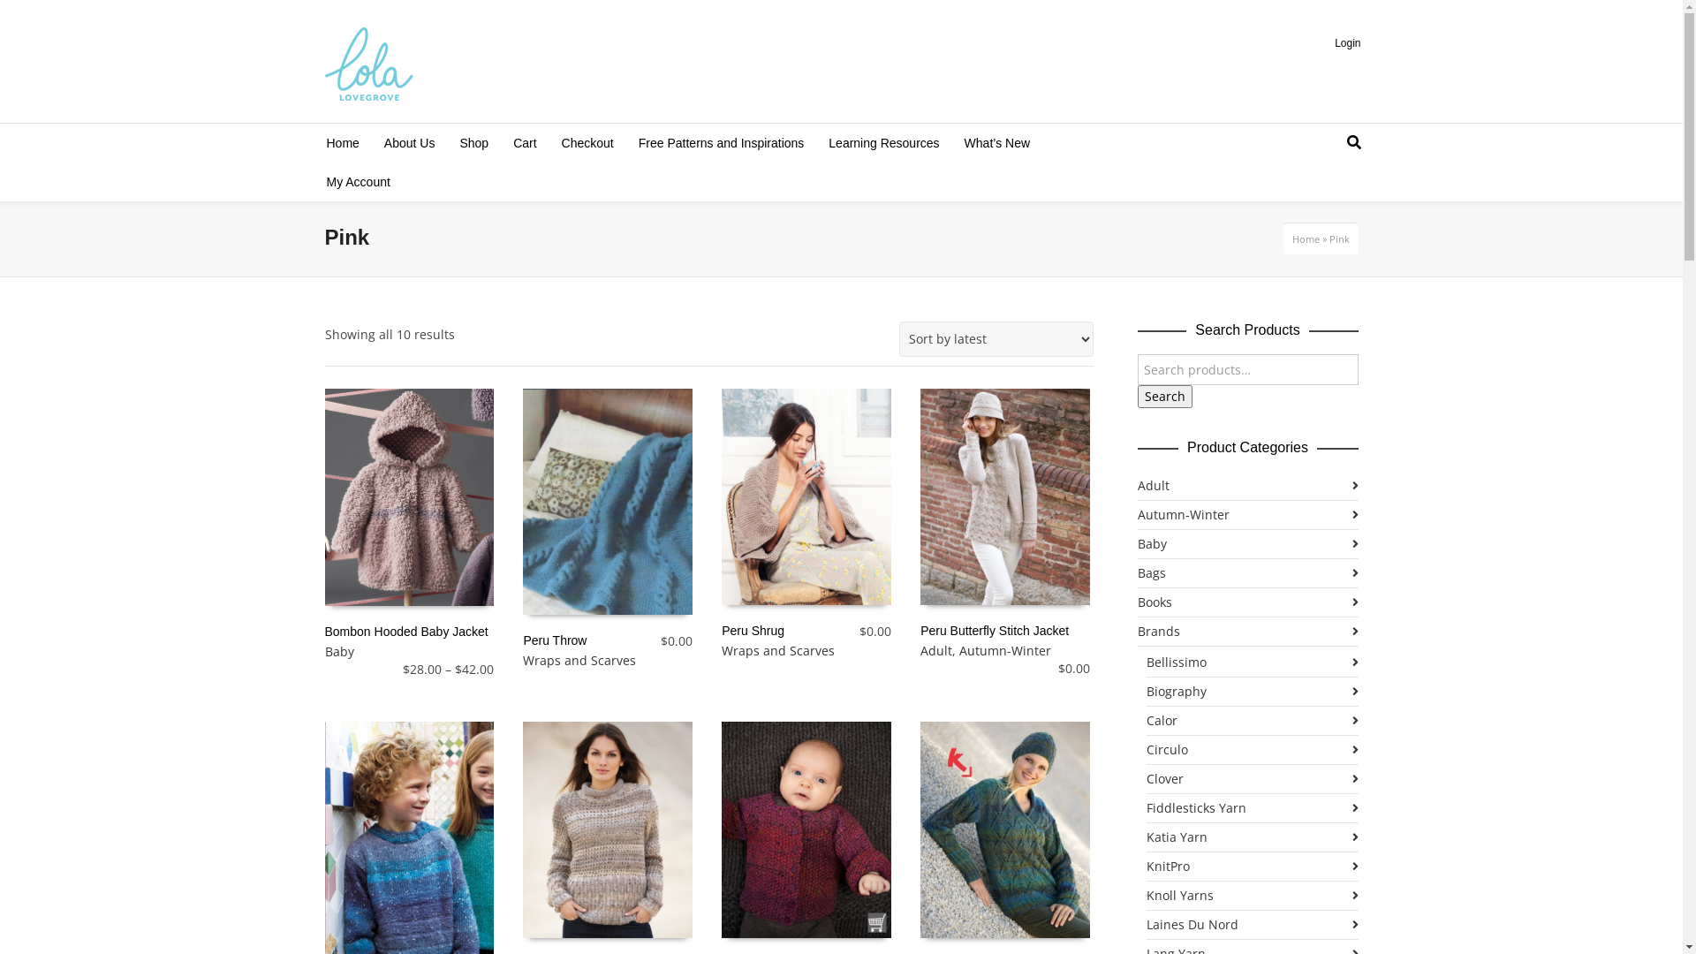 Image resolution: width=1696 pixels, height=954 pixels. Describe the element at coordinates (935, 650) in the screenshot. I see `'Adult'` at that location.